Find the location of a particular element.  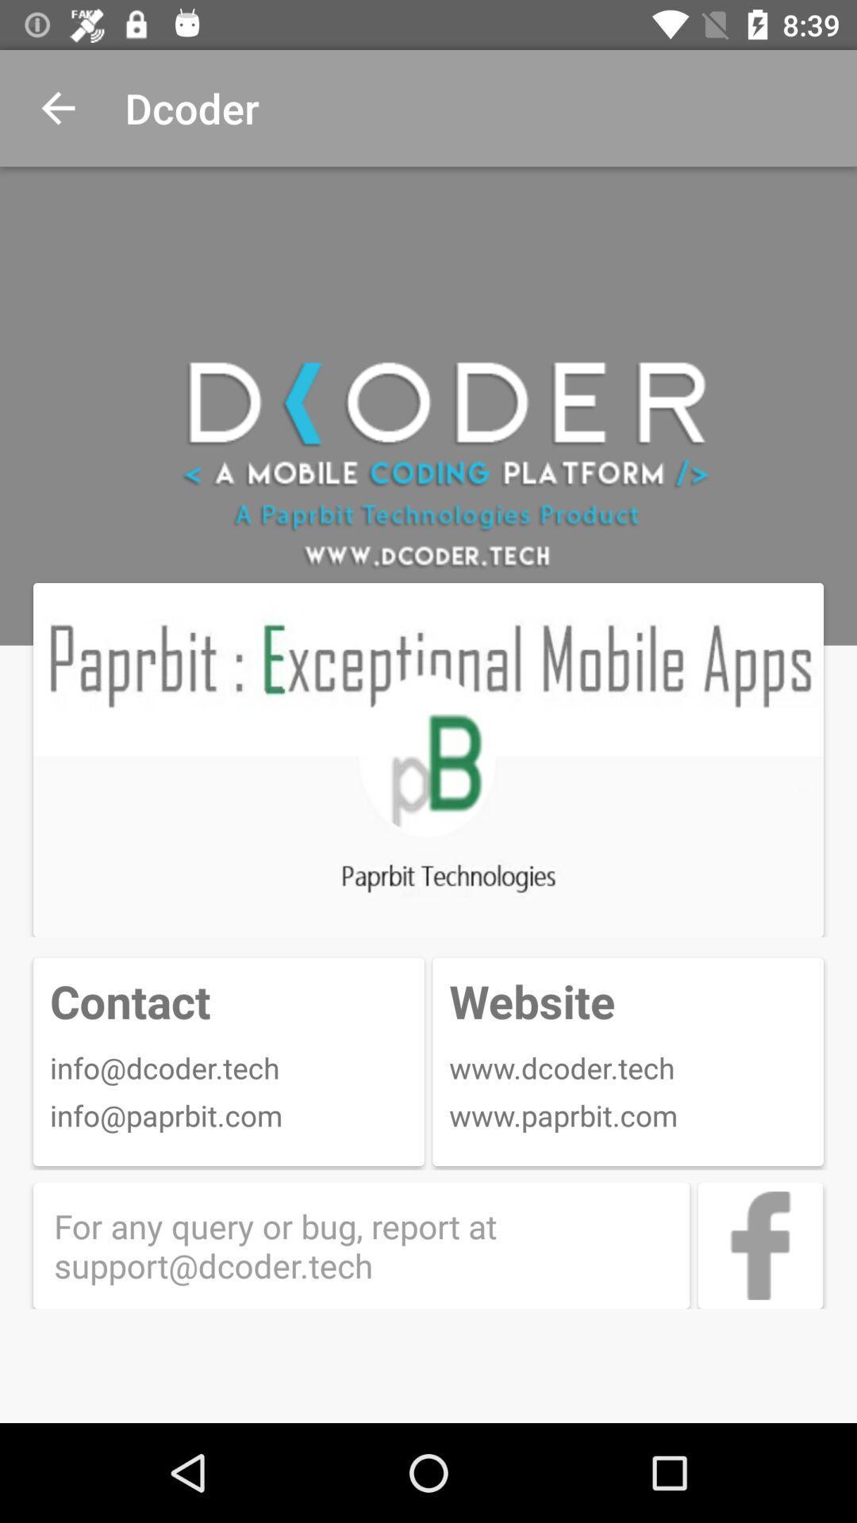

the item to the left of the dcoder app is located at coordinates (57, 107).